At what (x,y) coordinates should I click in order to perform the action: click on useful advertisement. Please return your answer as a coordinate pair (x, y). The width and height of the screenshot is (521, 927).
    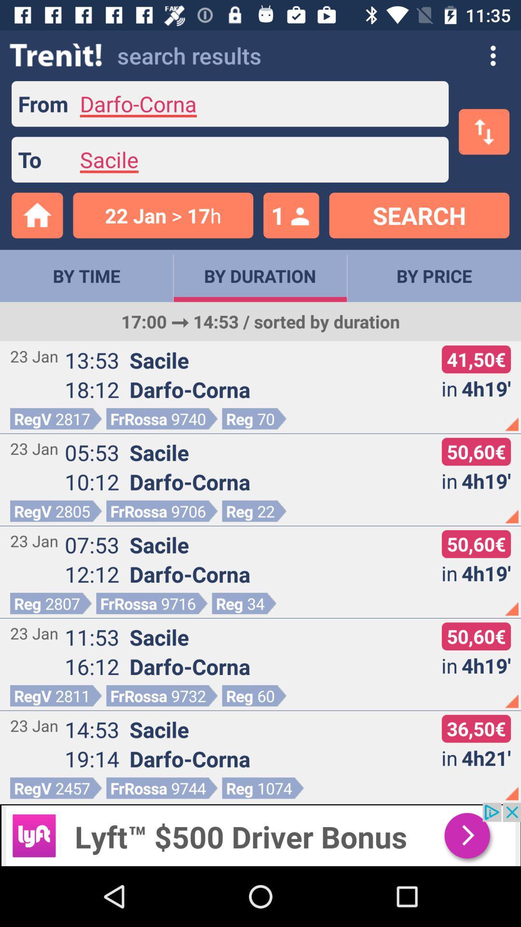
    Looking at the image, I should click on (260, 834).